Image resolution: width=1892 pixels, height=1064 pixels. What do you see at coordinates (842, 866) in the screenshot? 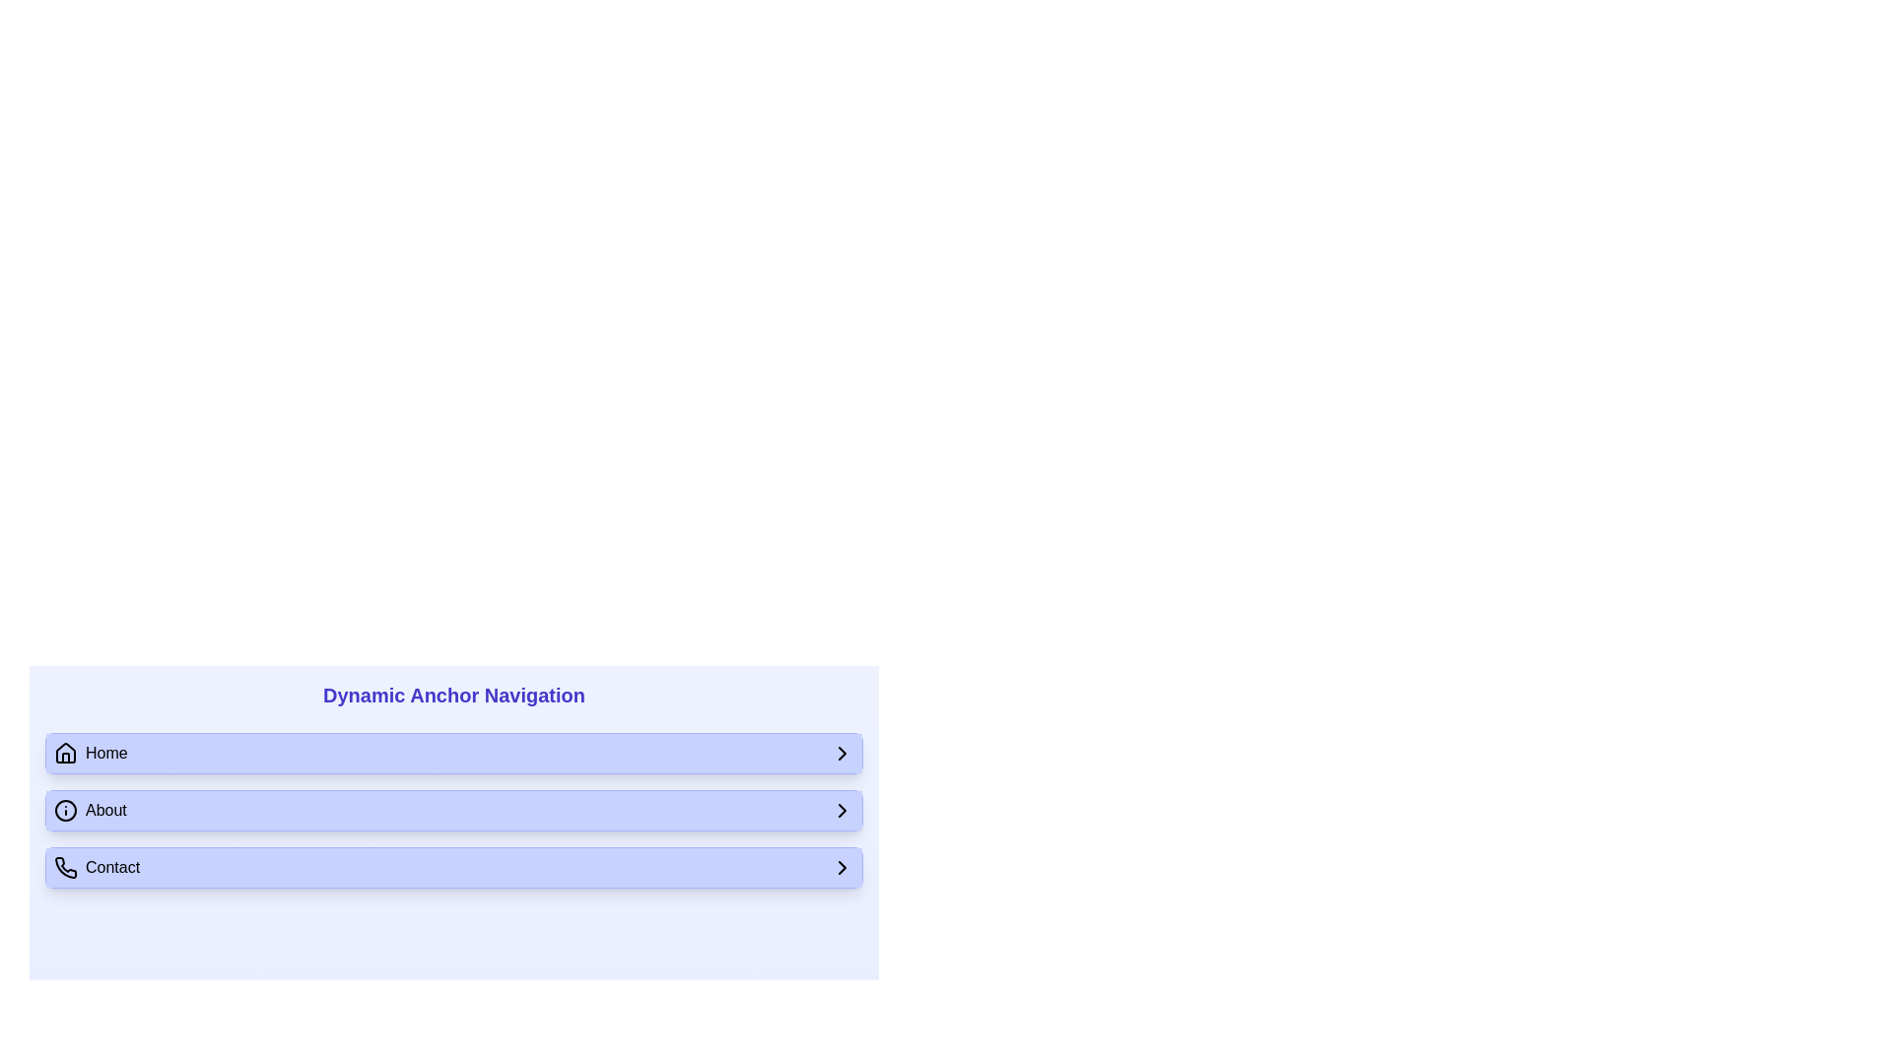
I see `the icon located to the far right of the 'Contact' row in the third horizontal navigation item` at bounding box center [842, 866].